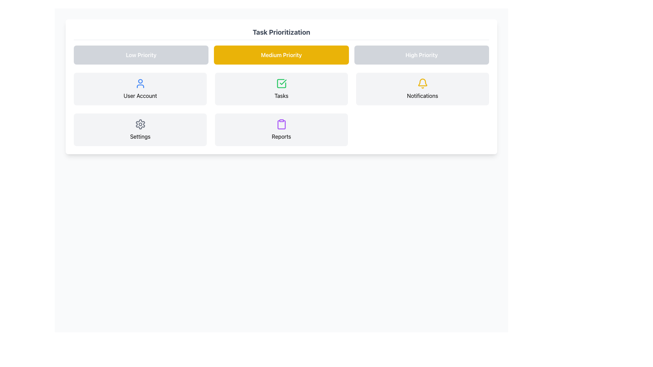 The image size is (653, 367). I want to click on the Card-like informational UI element labeled 'Tasks', which features a green checkmark icon at the top, so click(281, 89).